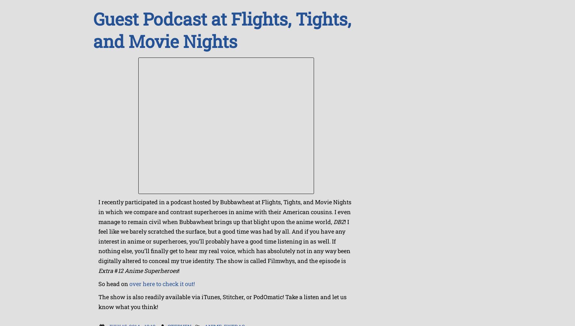 The width and height of the screenshot is (575, 326). Describe the element at coordinates (224, 241) in the screenshot. I see `'! I feel like we barely scratched the surface, but a good time was had by all. And if you have any interest in anime or superheroes, you’ll probably have a good time listening in as well. If nothing else, you’ll finally get to hear my real voice, which has absolutely not in any way been digitally altered to conceal my true identity. The show is called Filmwhys, and the episode is'` at that location.